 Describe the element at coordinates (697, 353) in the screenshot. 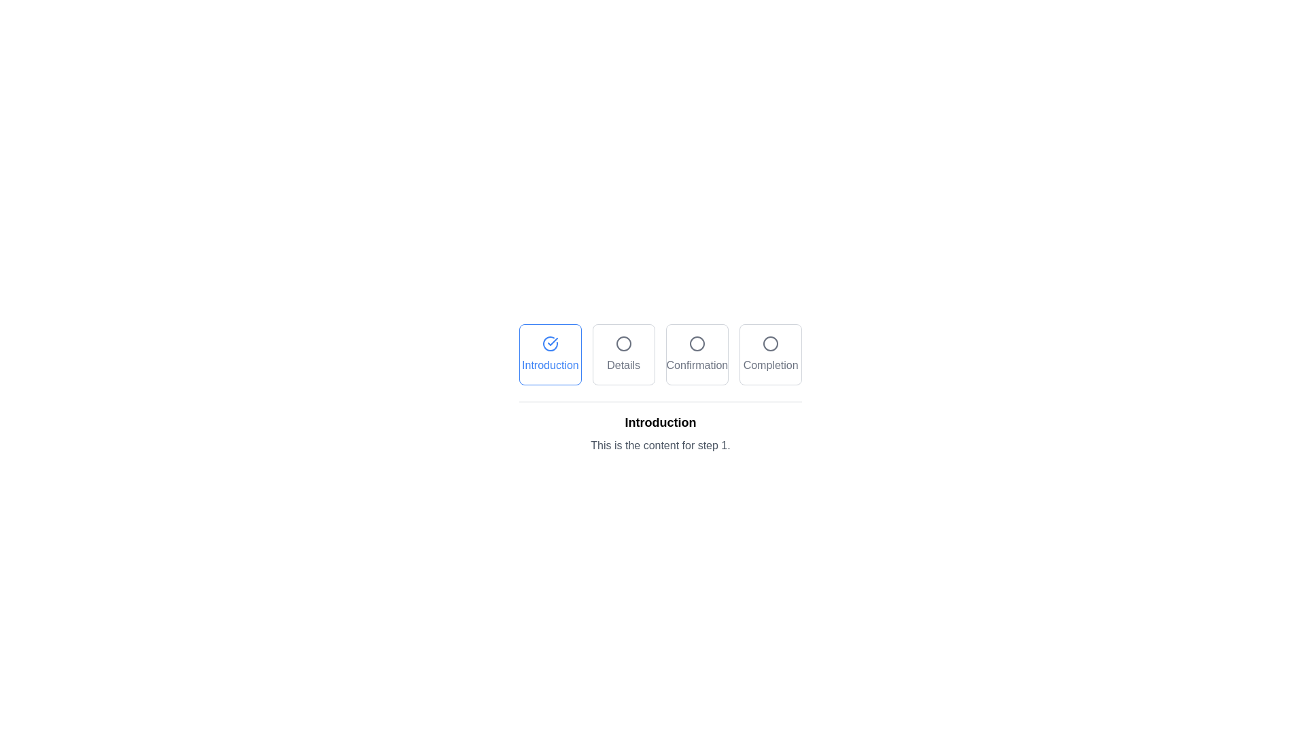

I see `the 'Confirmation' button, which is the third button in a row of four` at that location.